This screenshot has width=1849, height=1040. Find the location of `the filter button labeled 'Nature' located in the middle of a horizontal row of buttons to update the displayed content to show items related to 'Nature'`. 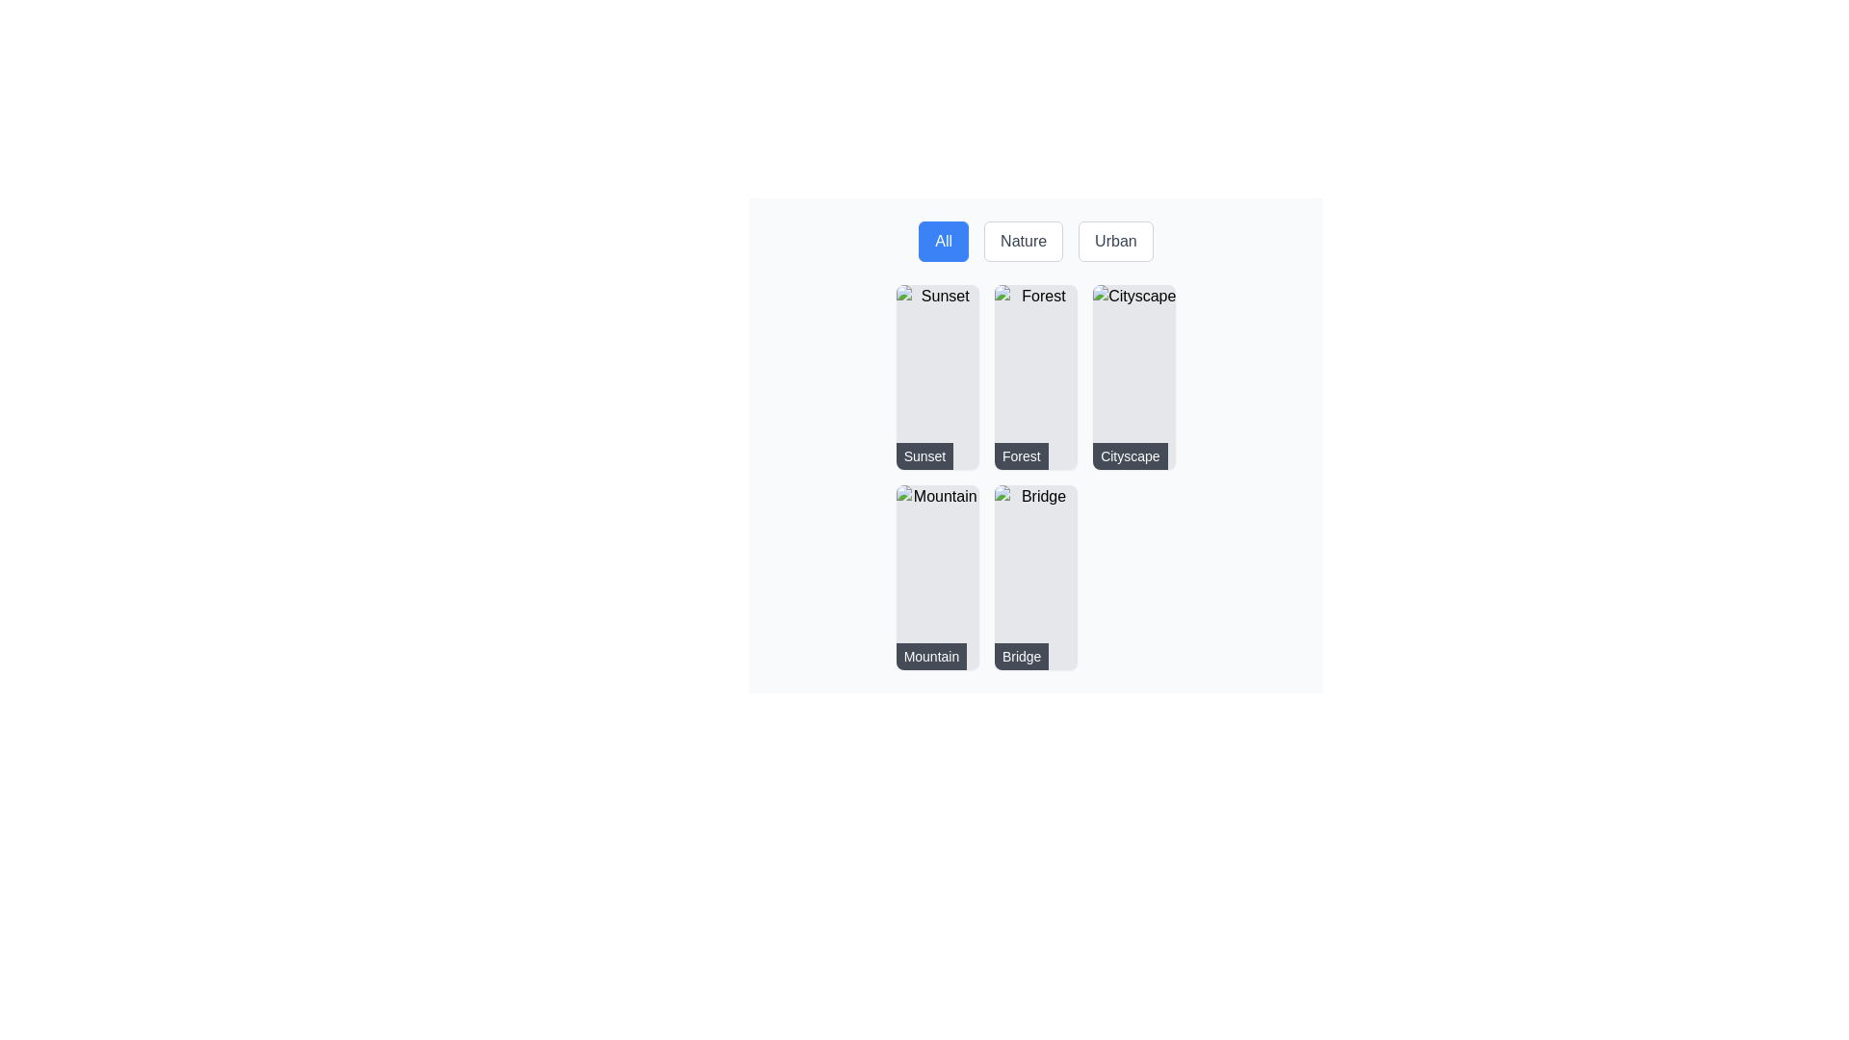

the filter button labeled 'Nature' located in the middle of a horizontal row of buttons to update the displayed content to show items related to 'Nature' is located at coordinates (1023, 240).